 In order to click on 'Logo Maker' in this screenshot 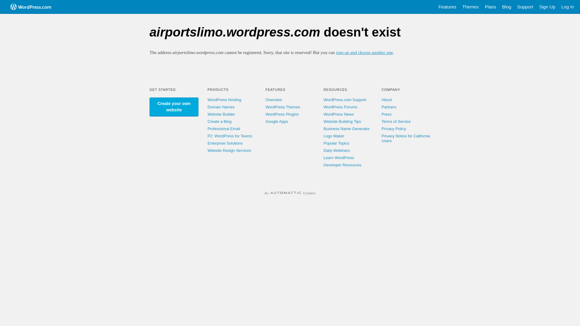, I will do `click(333, 136)`.